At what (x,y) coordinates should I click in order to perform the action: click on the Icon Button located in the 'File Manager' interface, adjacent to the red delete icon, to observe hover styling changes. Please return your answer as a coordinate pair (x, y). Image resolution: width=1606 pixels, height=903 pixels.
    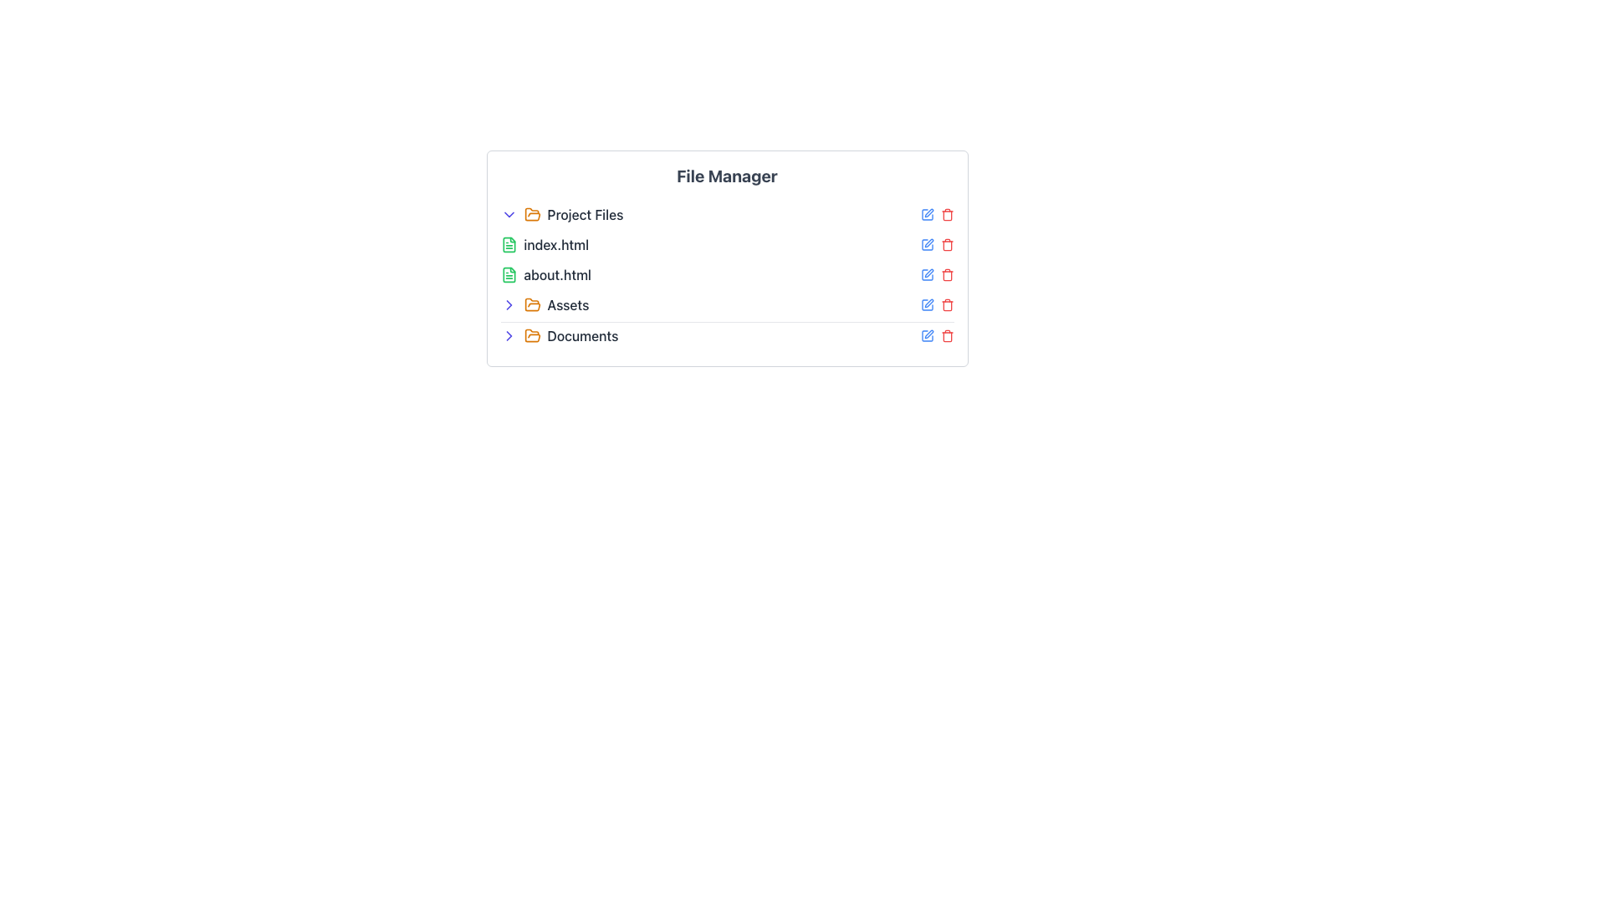
    Looking at the image, I should click on (926, 214).